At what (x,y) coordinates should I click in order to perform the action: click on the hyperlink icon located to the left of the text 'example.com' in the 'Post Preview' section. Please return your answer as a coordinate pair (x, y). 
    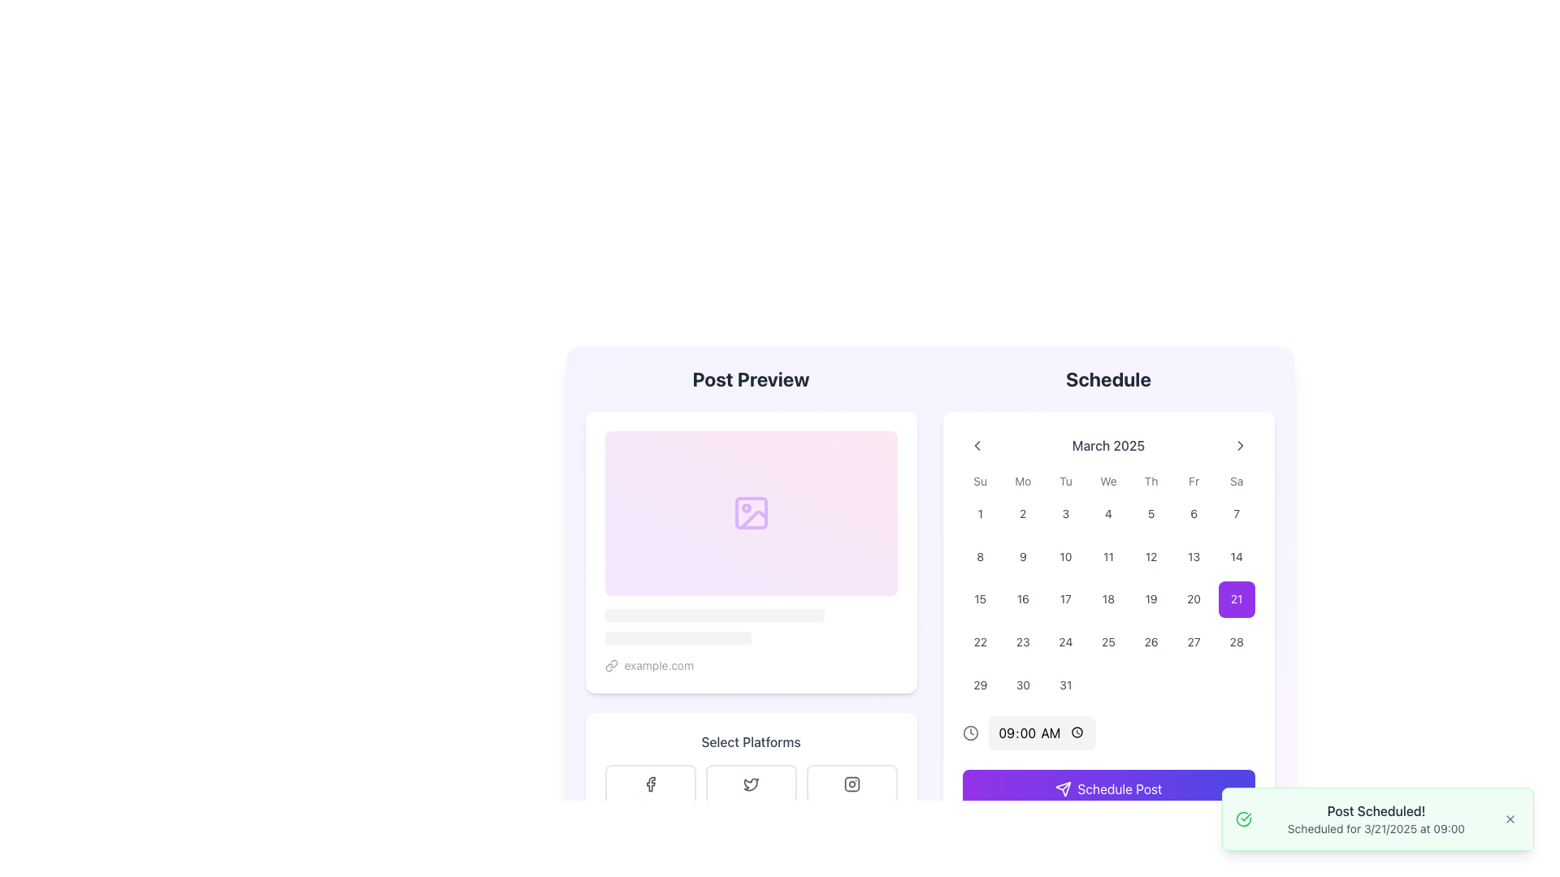
    Looking at the image, I should click on (610, 665).